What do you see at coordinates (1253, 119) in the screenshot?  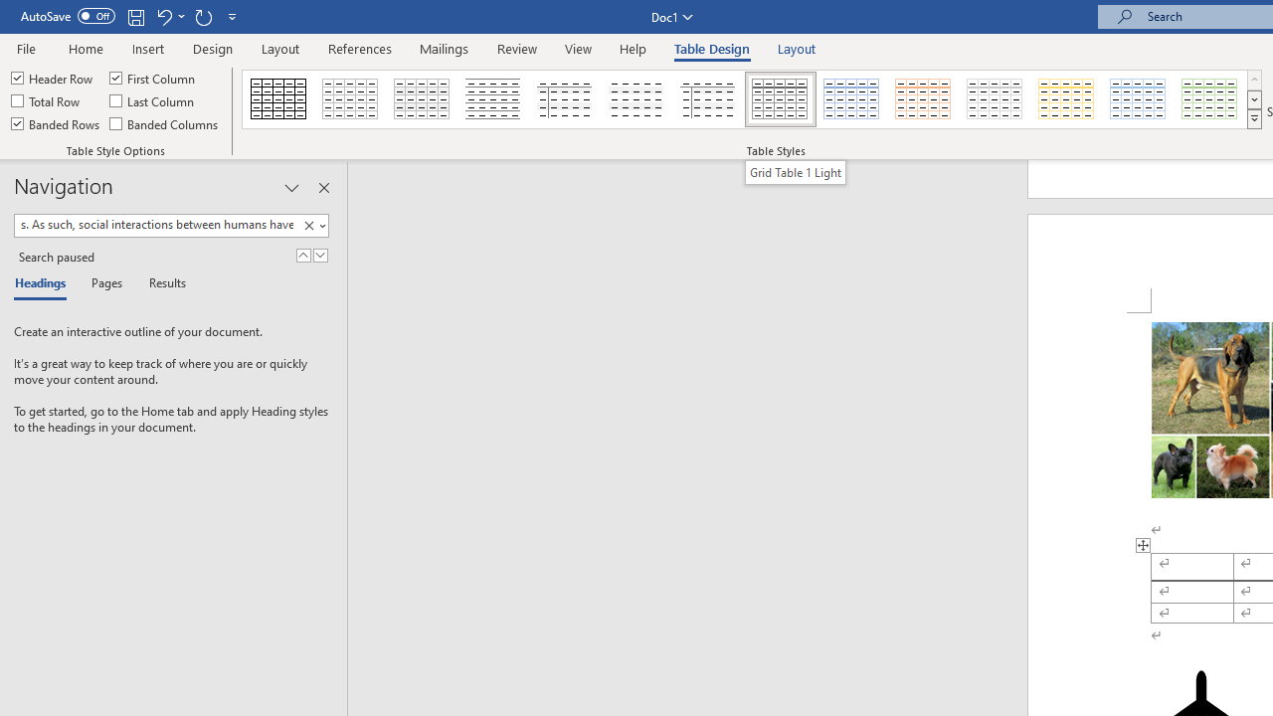 I see `'Table Styles'` at bounding box center [1253, 119].